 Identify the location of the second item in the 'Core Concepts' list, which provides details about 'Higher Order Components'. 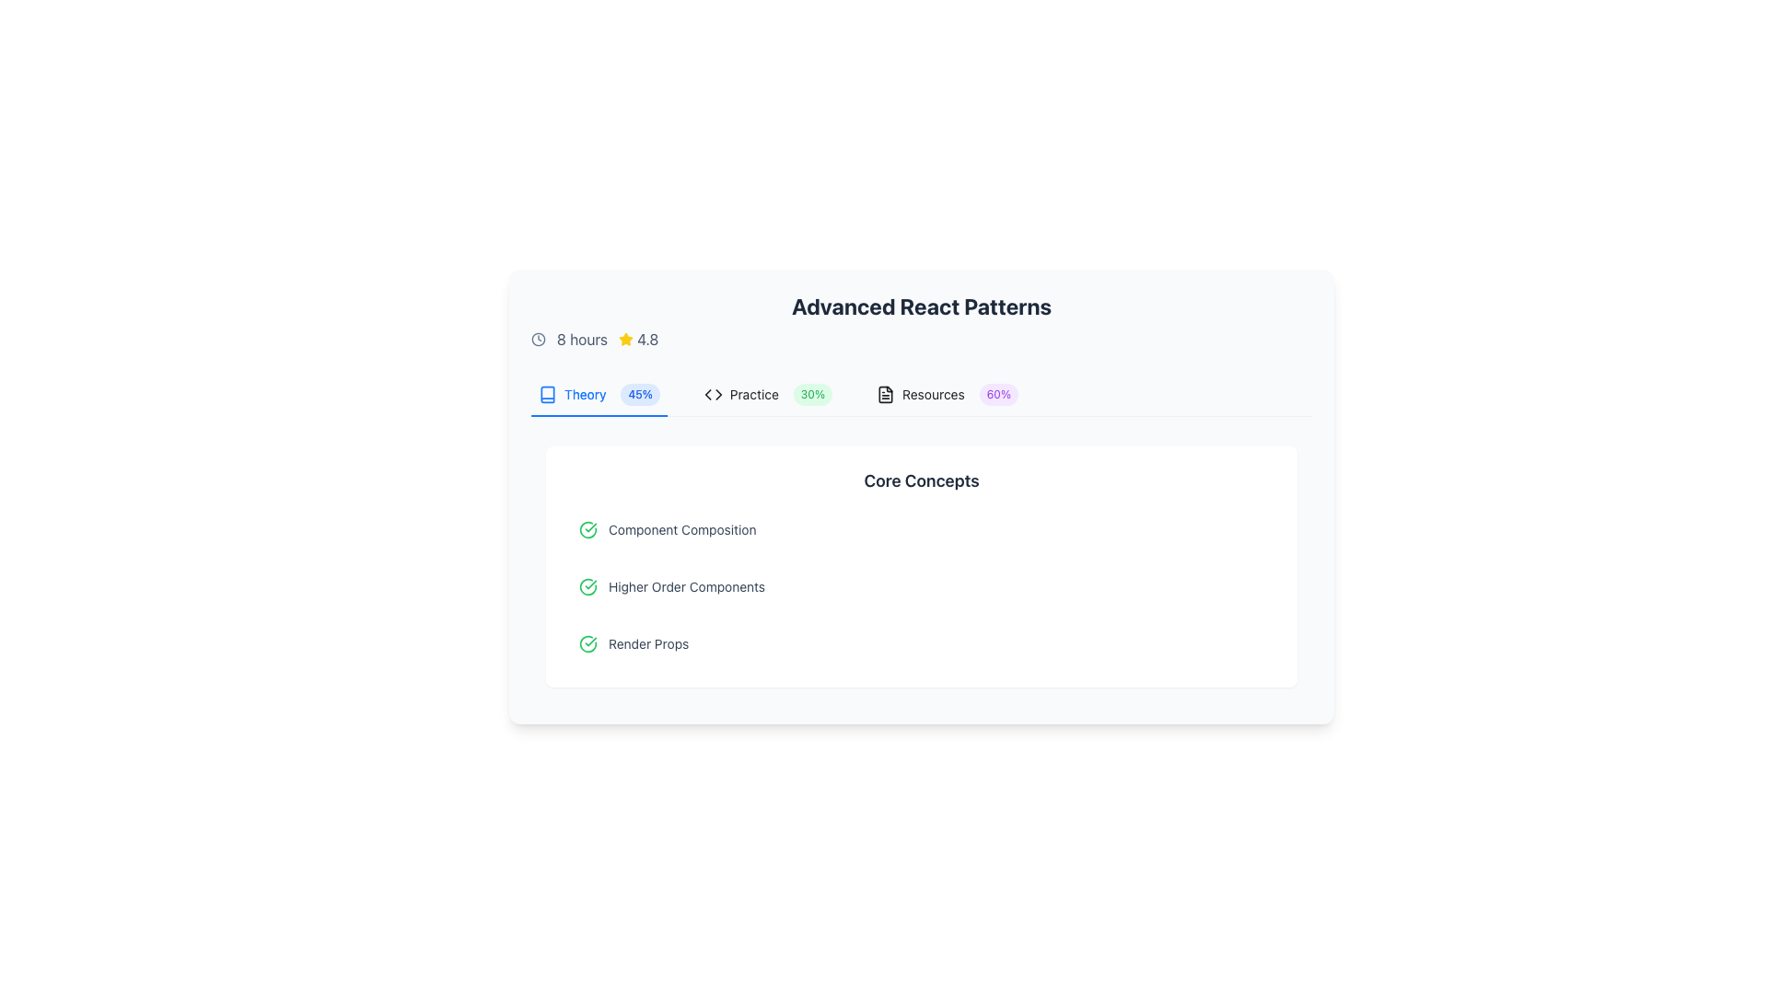
(922, 586).